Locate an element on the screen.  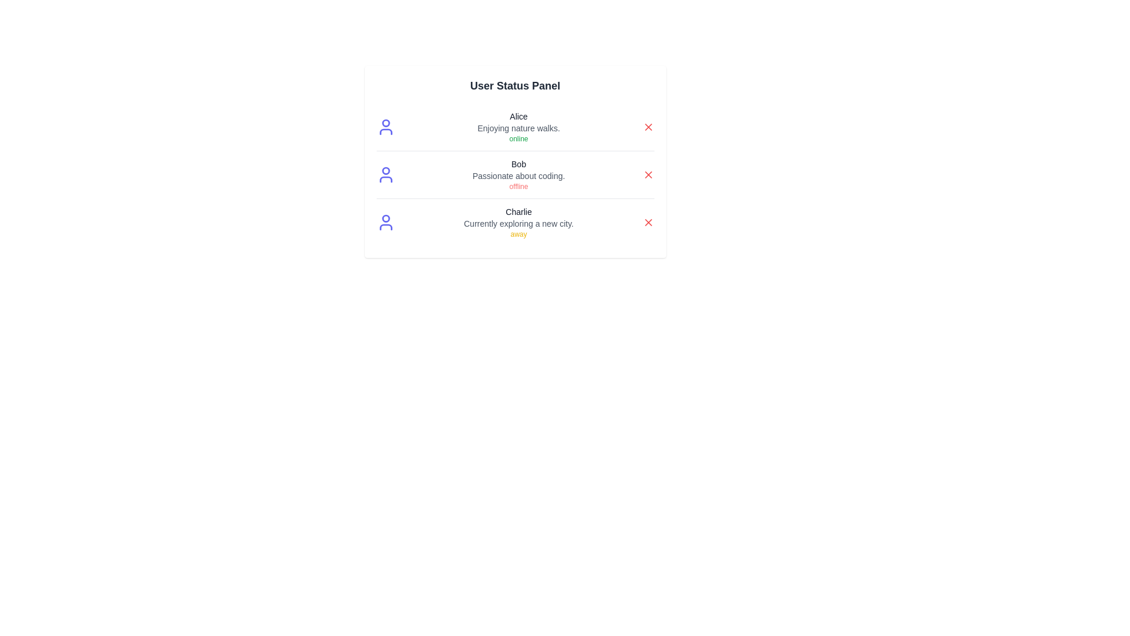
the red 'X' icon button, which is an SVG element located to the right of the text 'Alice' in the user status panel is located at coordinates (647, 127).